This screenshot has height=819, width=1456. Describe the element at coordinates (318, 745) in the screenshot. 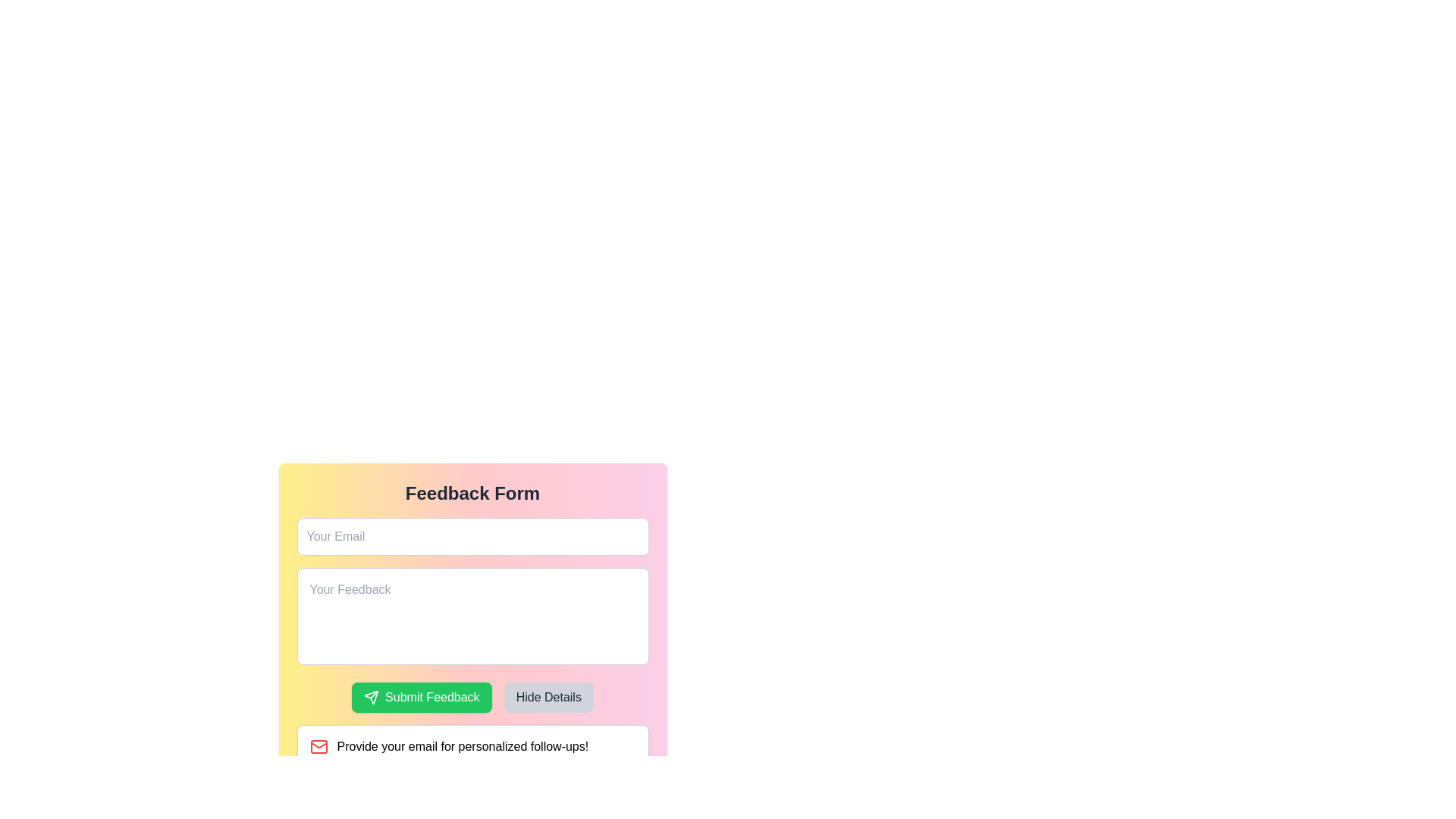

I see `the decorative graphic representing the pointed bottom part of the envelope illustration within the SVG icon located in the feedback form interface` at that location.